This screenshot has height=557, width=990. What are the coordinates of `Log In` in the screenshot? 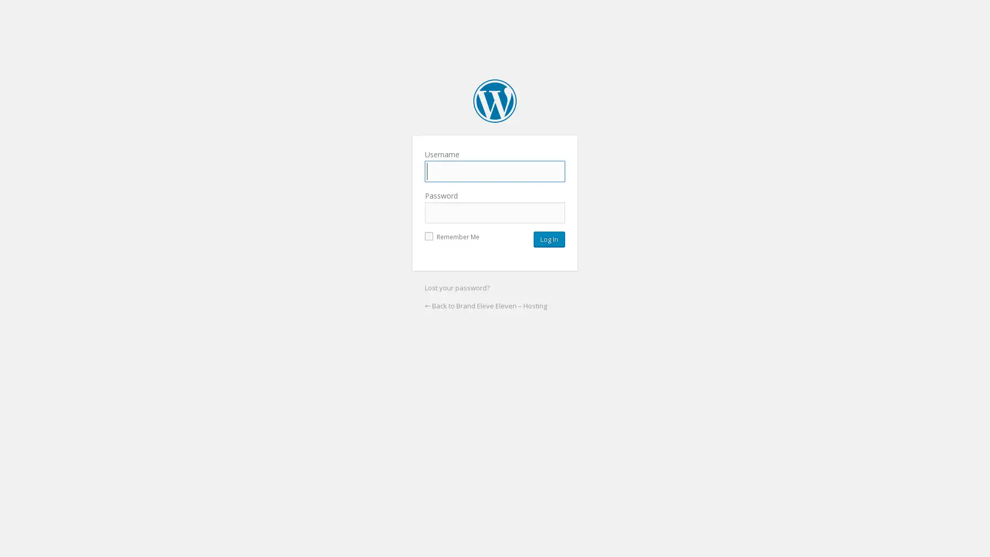 It's located at (549, 238).